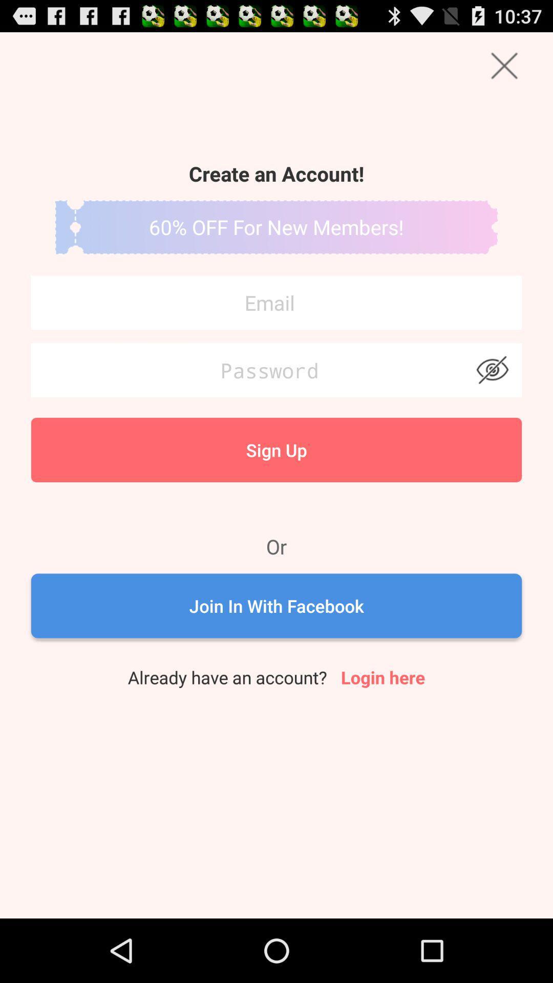  What do you see at coordinates (504, 65) in the screenshot?
I see `screen` at bounding box center [504, 65].